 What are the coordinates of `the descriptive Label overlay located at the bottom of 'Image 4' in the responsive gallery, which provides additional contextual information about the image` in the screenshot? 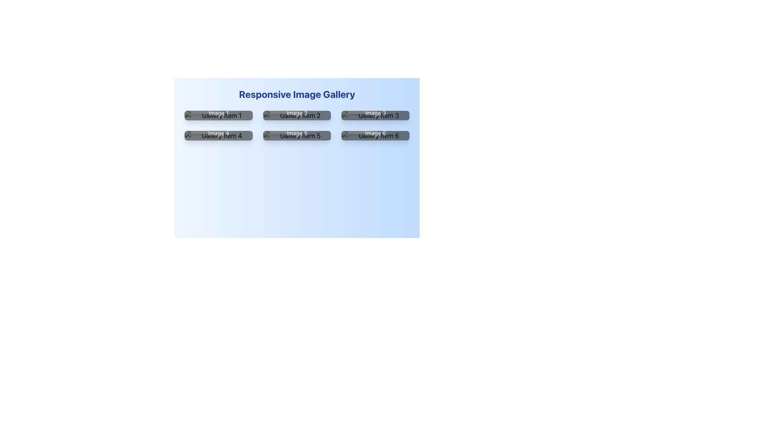 It's located at (218, 128).